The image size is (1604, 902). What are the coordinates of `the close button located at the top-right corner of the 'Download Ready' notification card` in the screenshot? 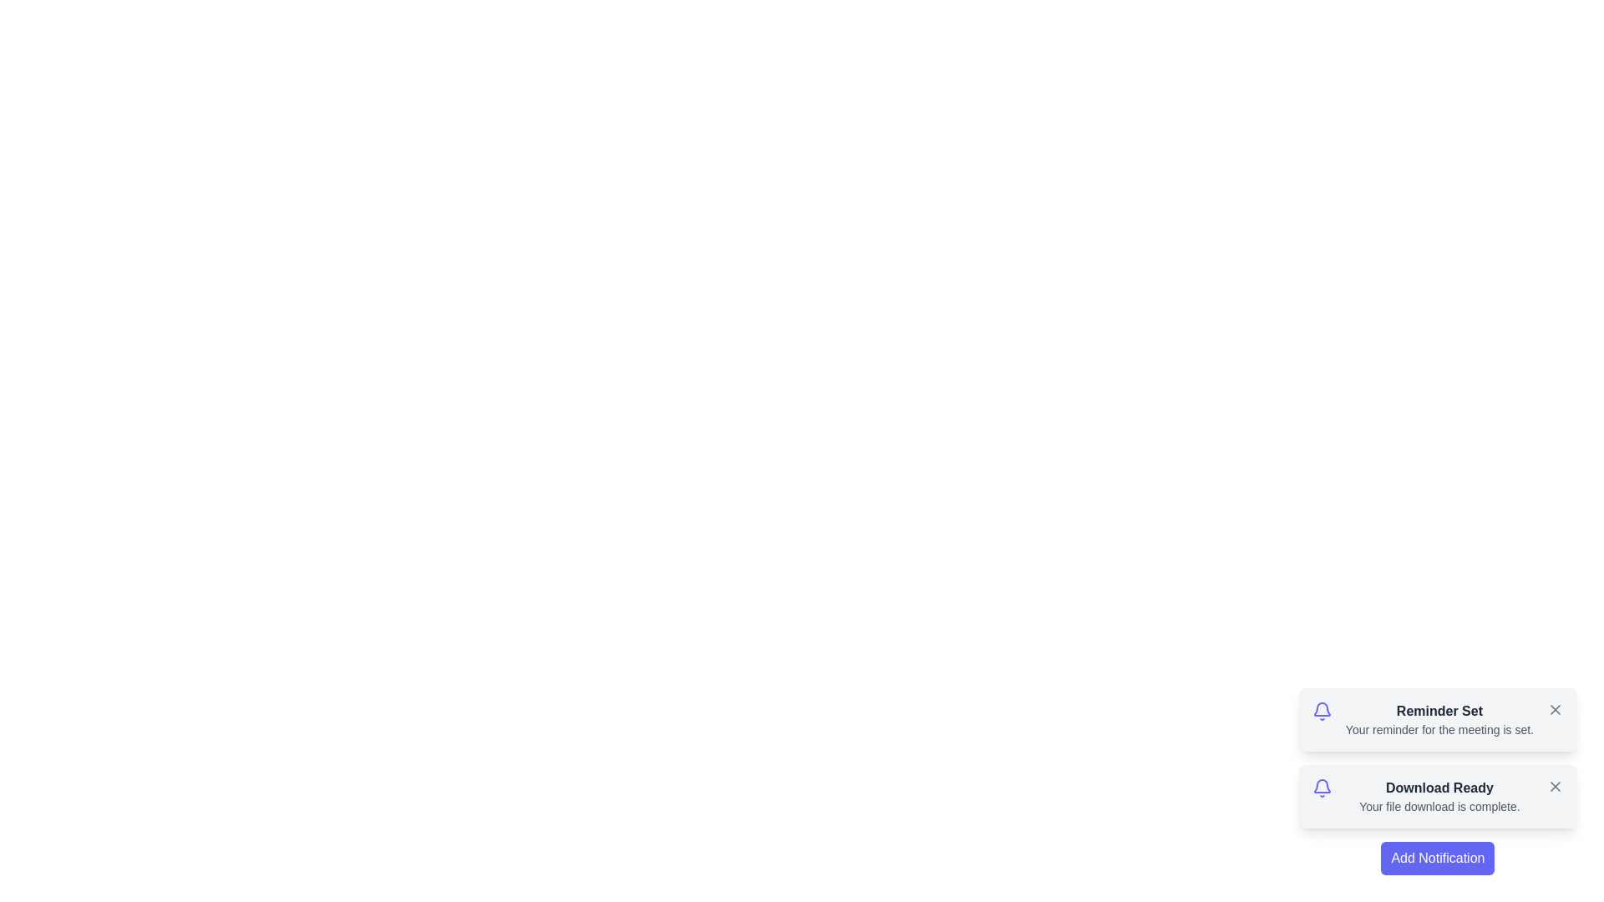 It's located at (1555, 786).